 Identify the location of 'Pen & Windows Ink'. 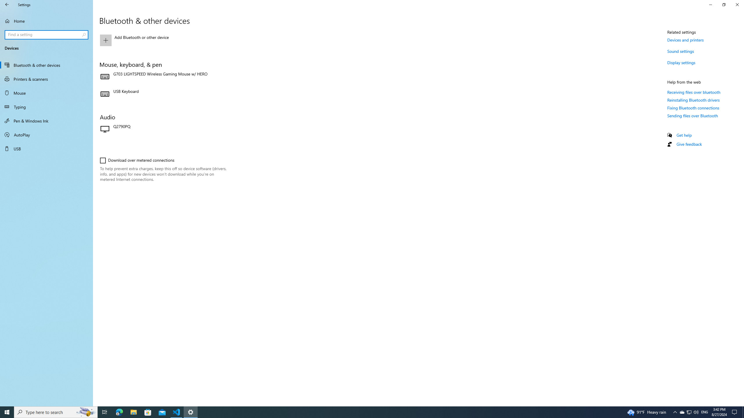
(46, 120).